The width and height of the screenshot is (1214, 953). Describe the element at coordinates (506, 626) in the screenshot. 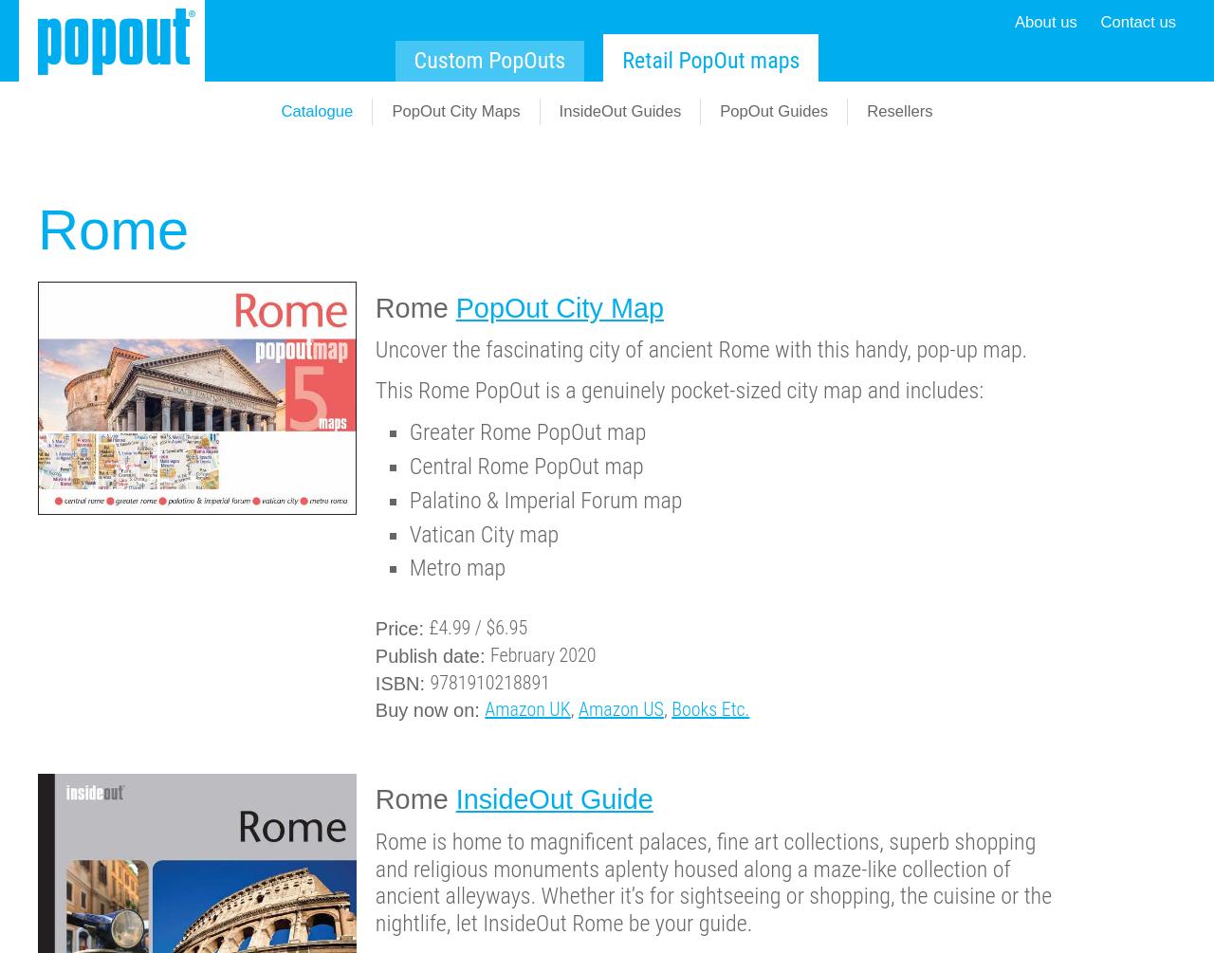

I see `'$6.95'` at that location.